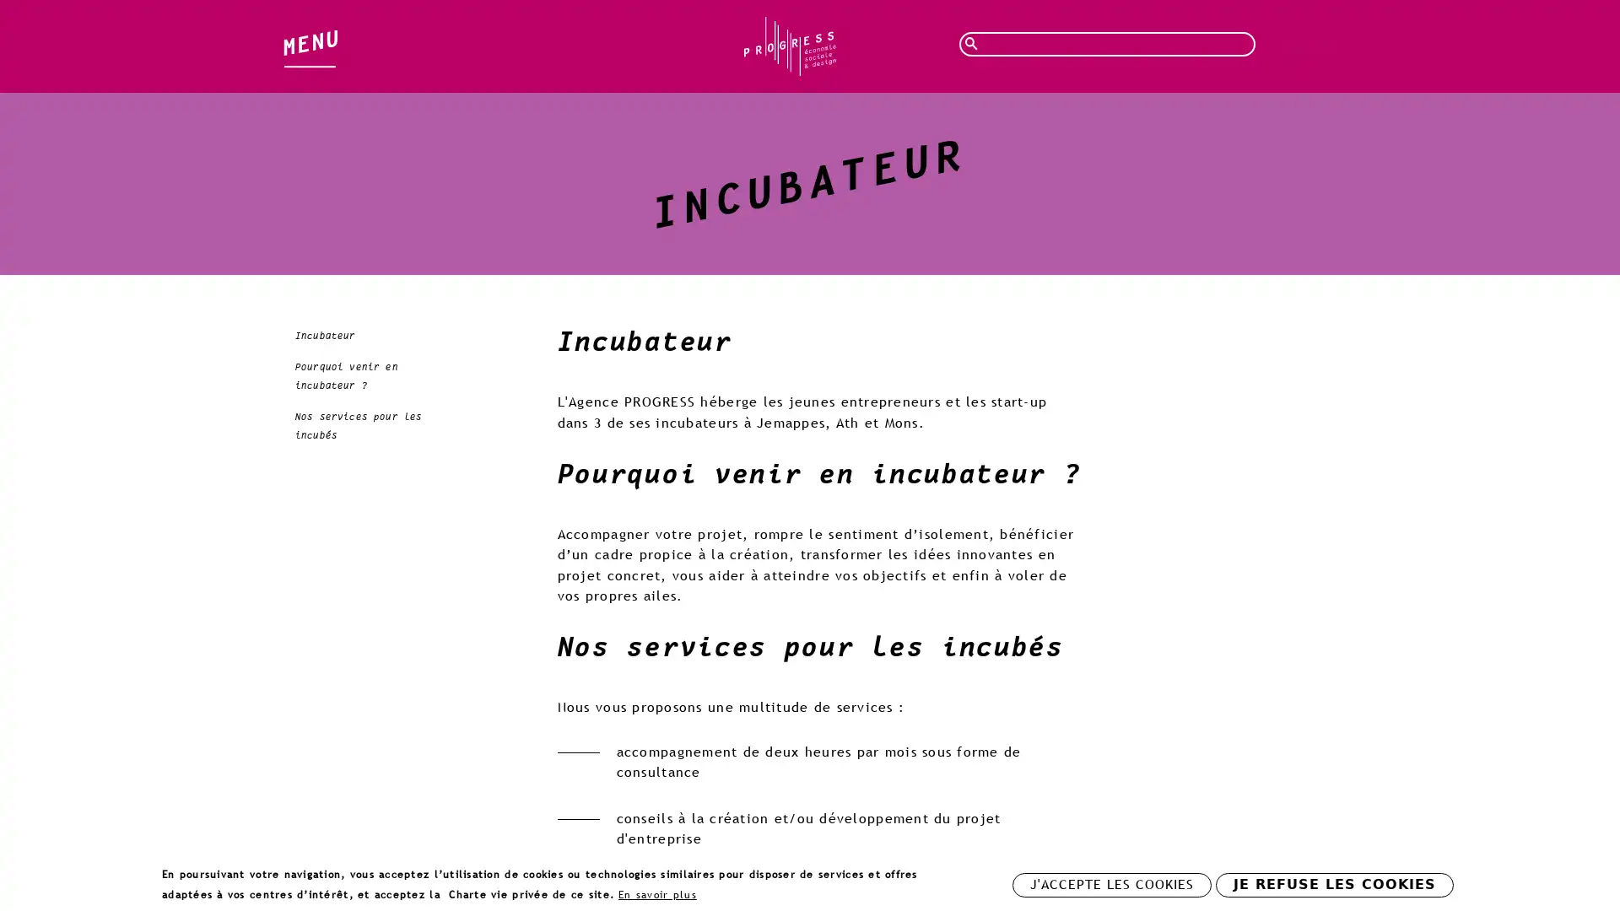  What do you see at coordinates (1245, 45) in the screenshot?
I see `Rechercher` at bounding box center [1245, 45].